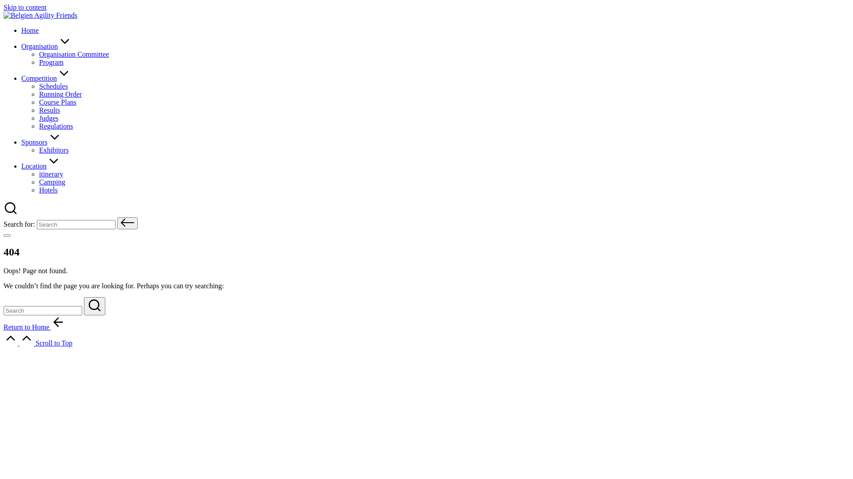 The width and height of the screenshot is (853, 479). Describe the element at coordinates (53, 149) in the screenshot. I see `'Exhibitors'` at that location.